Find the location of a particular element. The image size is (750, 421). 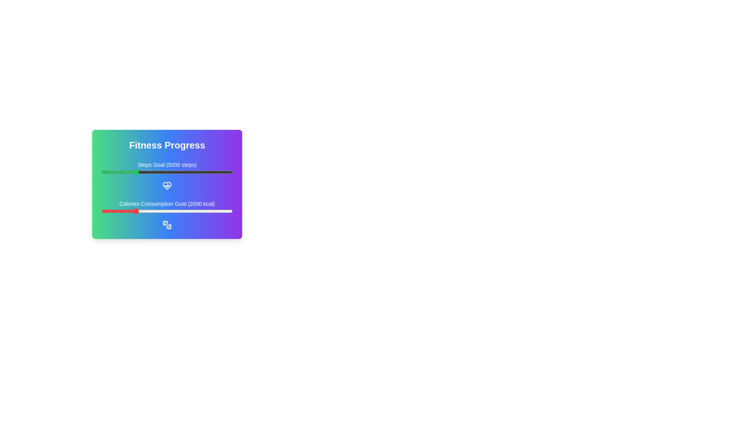

the calorie goal is located at coordinates (132, 211).